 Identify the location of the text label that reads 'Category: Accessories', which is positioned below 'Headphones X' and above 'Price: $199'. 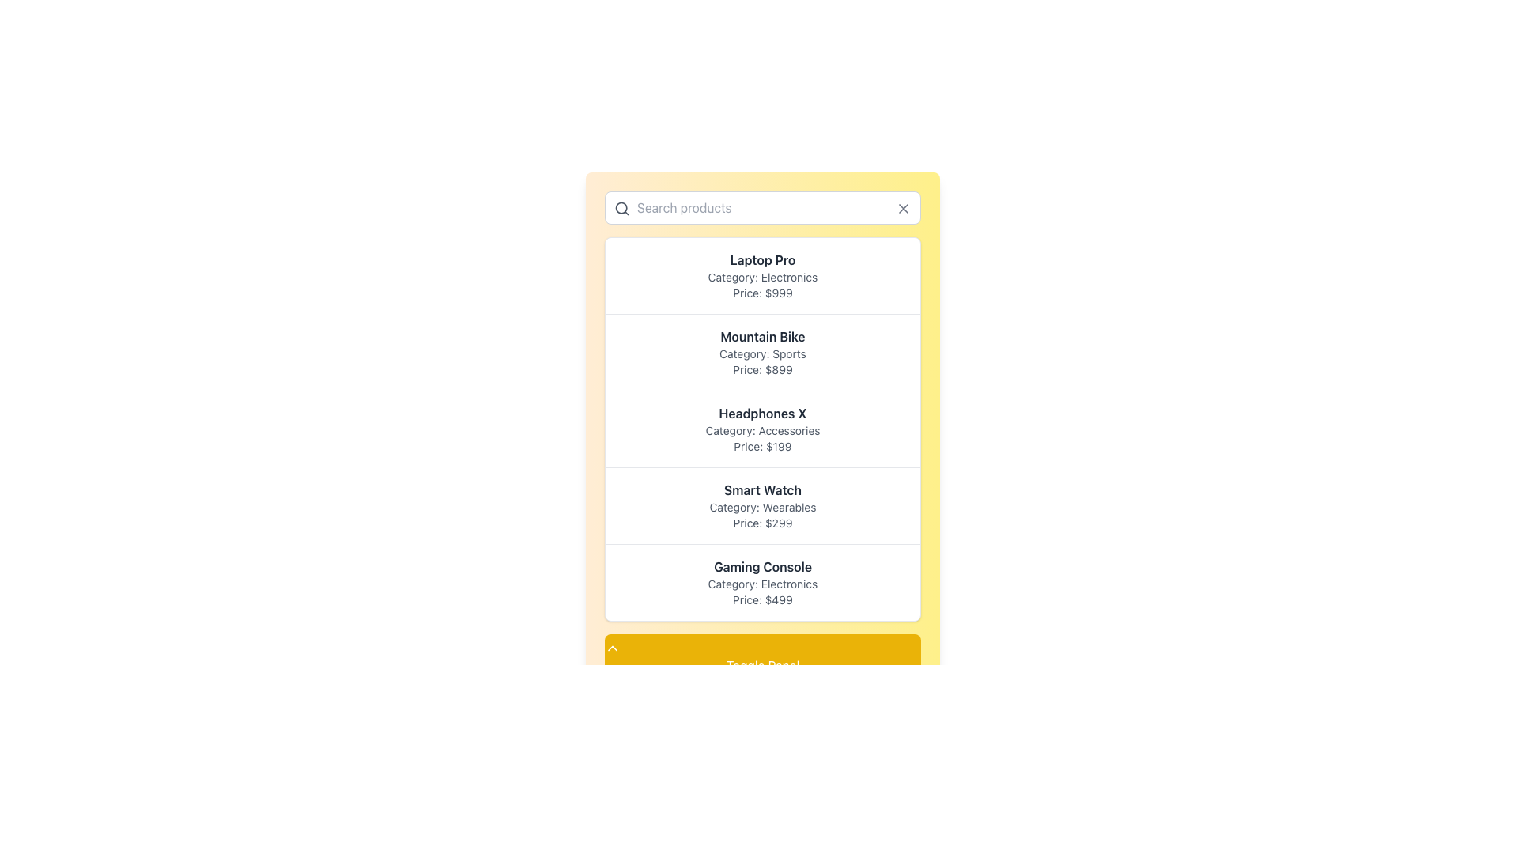
(762, 430).